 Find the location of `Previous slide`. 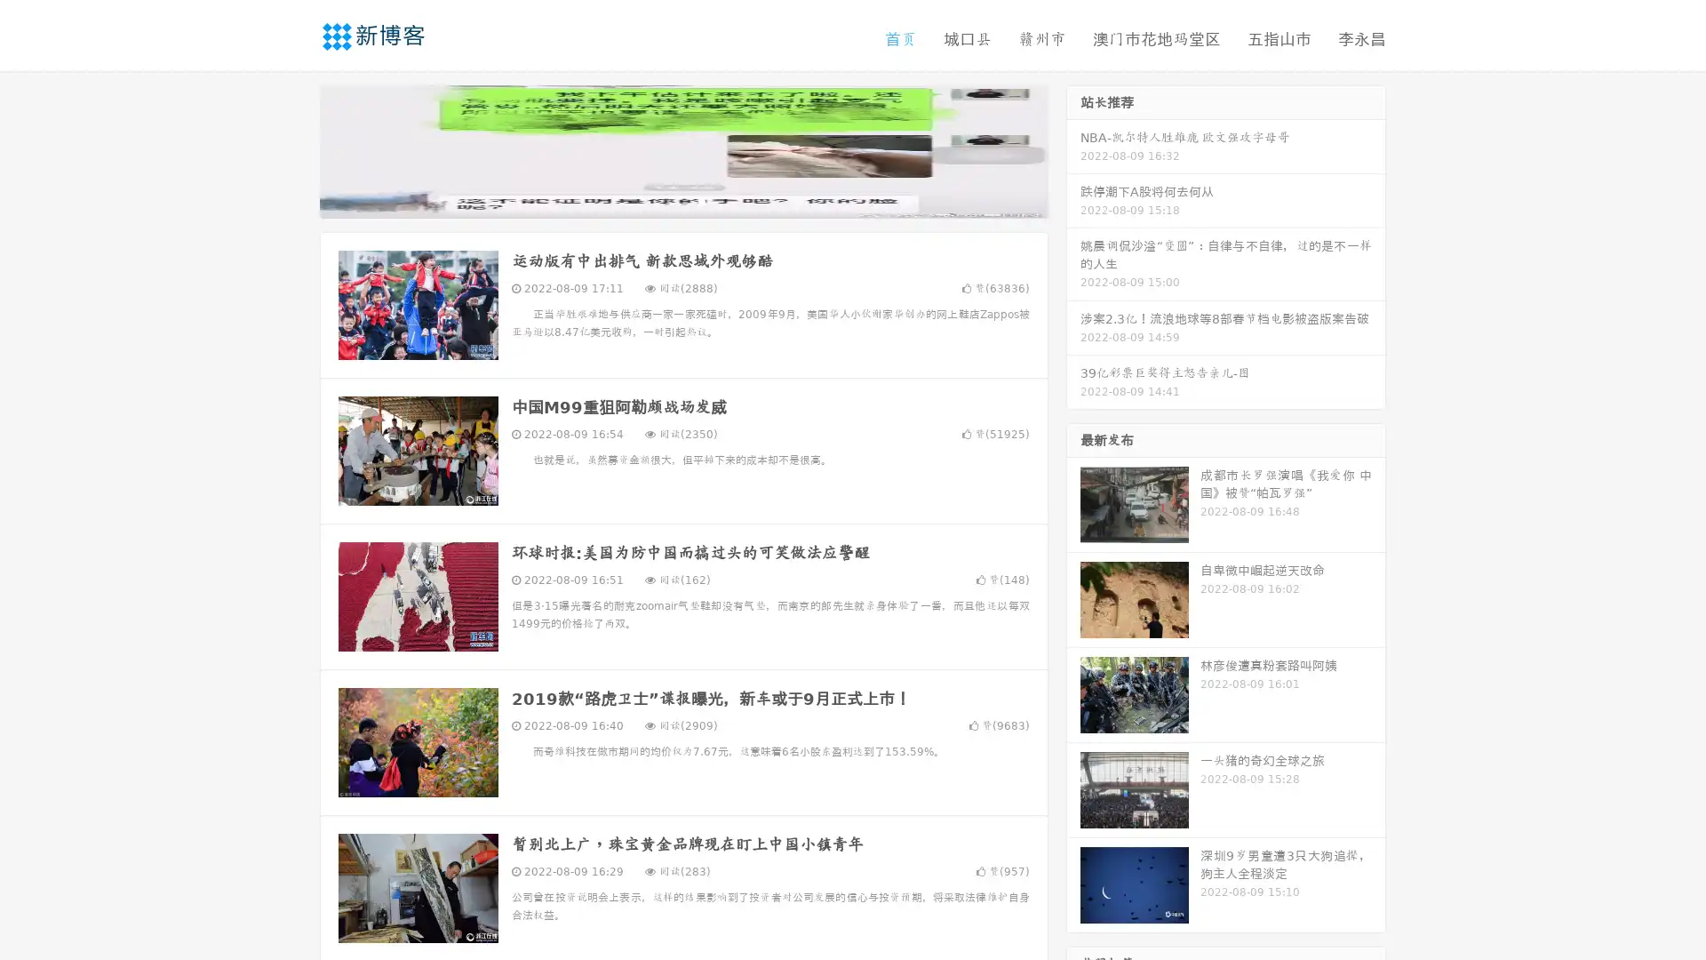

Previous slide is located at coordinates (293, 149).